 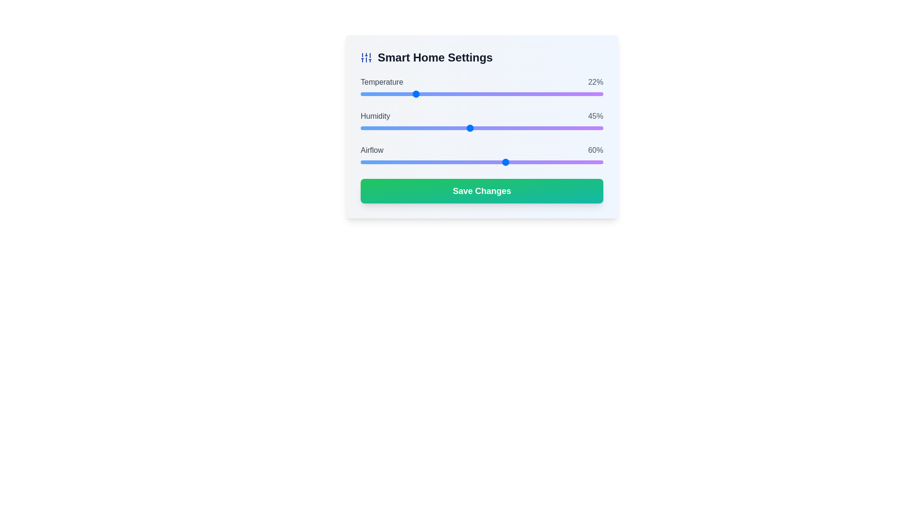 What do you see at coordinates (576, 94) in the screenshot?
I see `temperature slider` at bounding box center [576, 94].